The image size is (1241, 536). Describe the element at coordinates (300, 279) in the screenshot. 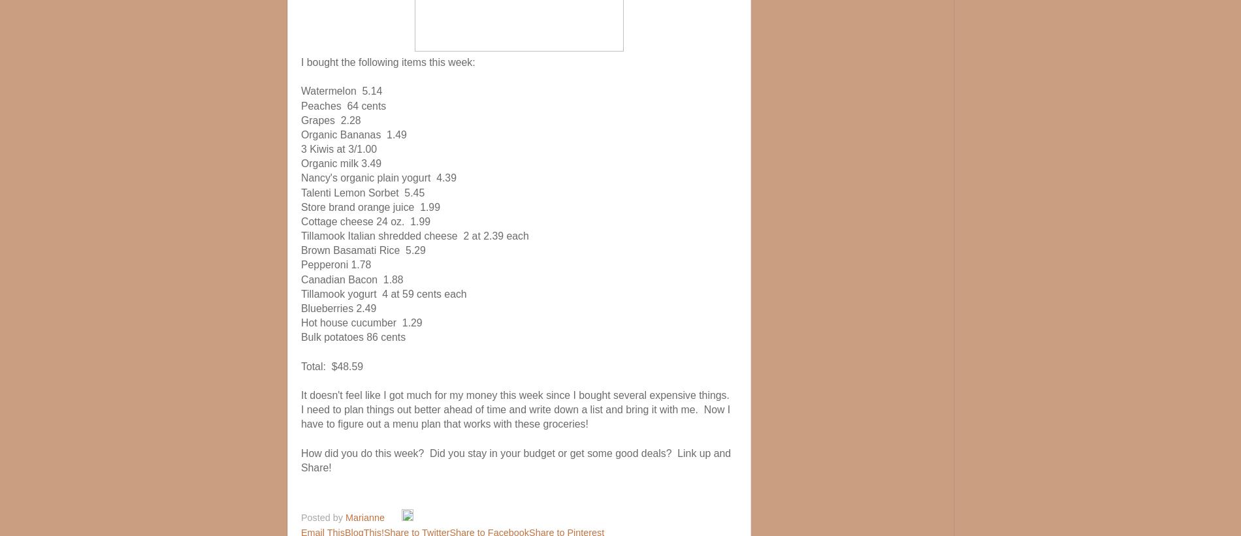

I see `'Canadian Bacon  1.88'` at that location.